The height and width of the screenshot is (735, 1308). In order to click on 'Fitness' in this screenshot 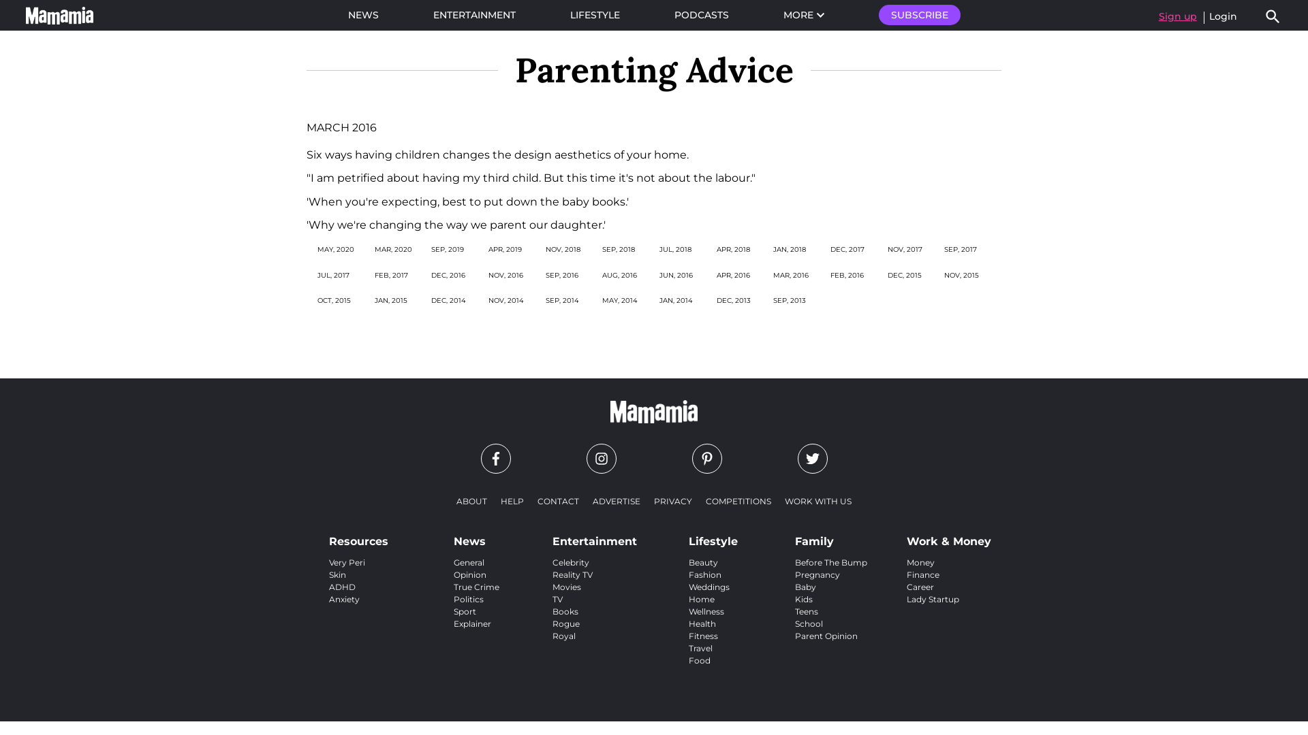, I will do `click(703, 636)`.